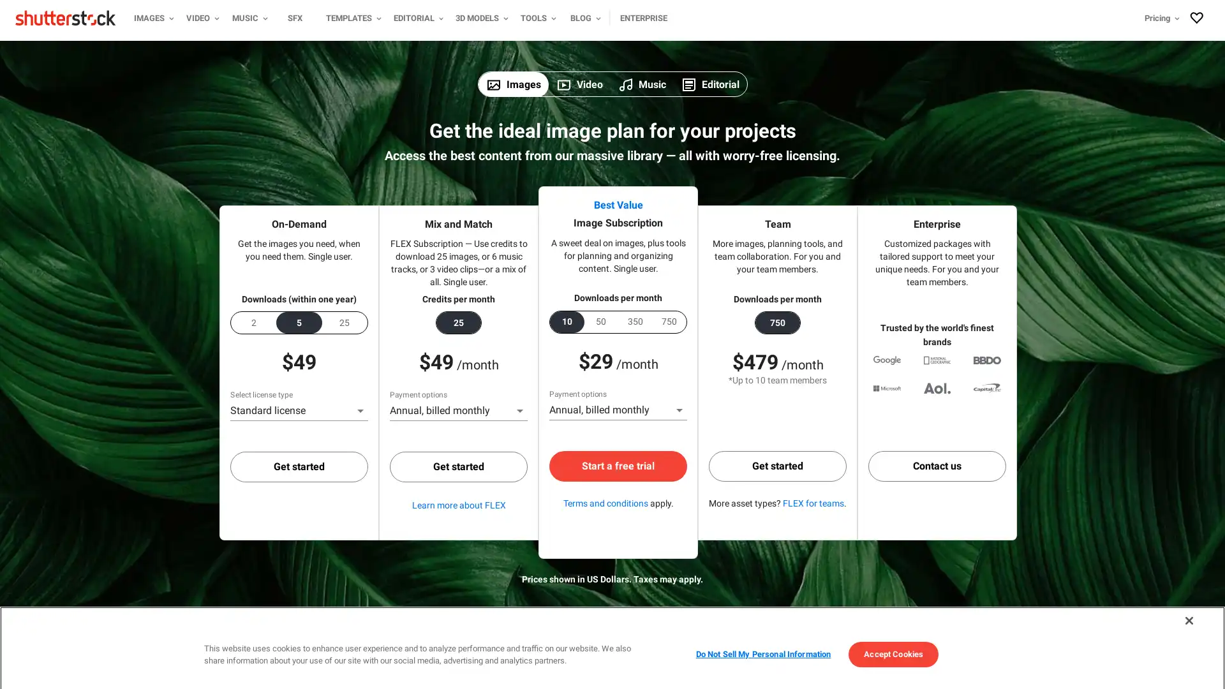 Image resolution: width=1225 pixels, height=689 pixels. I want to click on Templates, so click(352, 17).